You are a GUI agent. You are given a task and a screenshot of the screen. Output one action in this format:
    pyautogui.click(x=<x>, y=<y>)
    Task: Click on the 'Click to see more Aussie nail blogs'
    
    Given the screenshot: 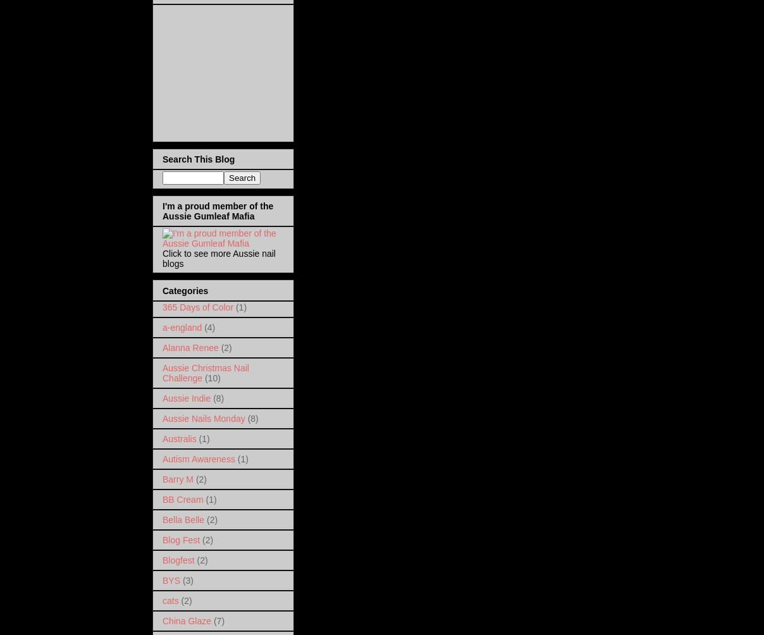 What is the action you would take?
    pyautogui.click(x=162, y=258)
    